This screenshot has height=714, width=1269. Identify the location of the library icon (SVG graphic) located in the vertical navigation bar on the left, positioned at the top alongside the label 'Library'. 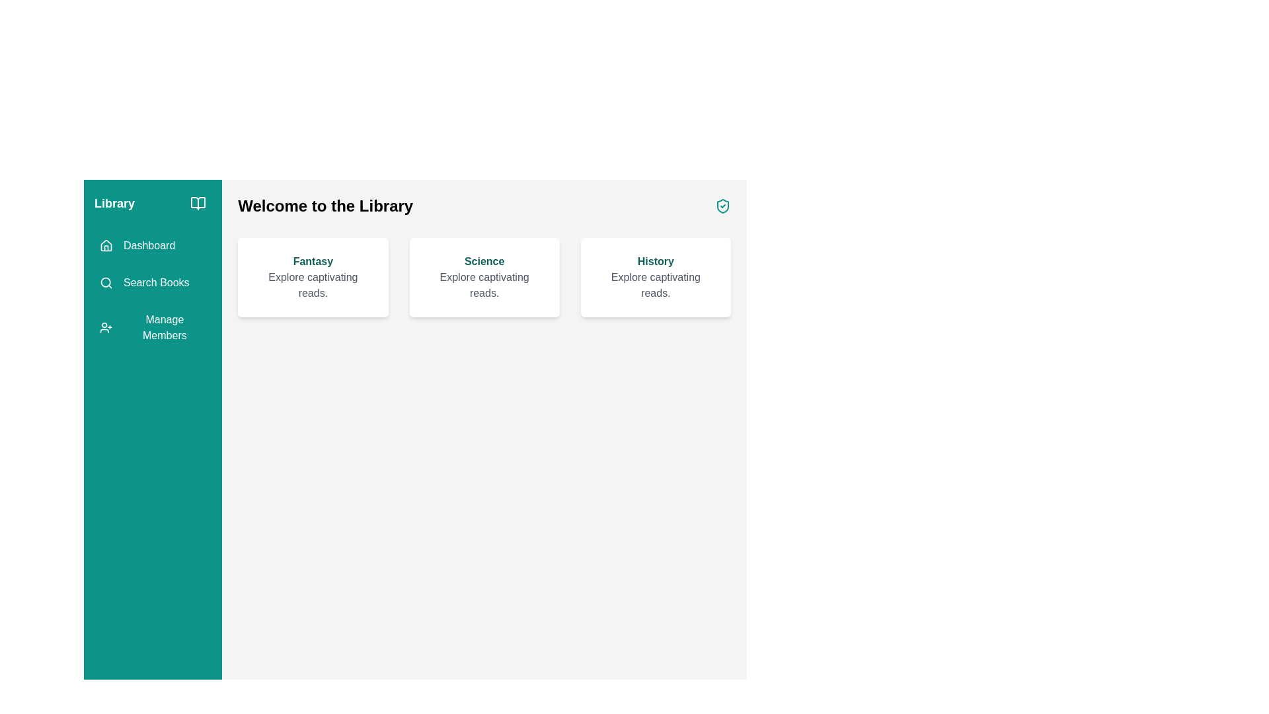
(198, 204).